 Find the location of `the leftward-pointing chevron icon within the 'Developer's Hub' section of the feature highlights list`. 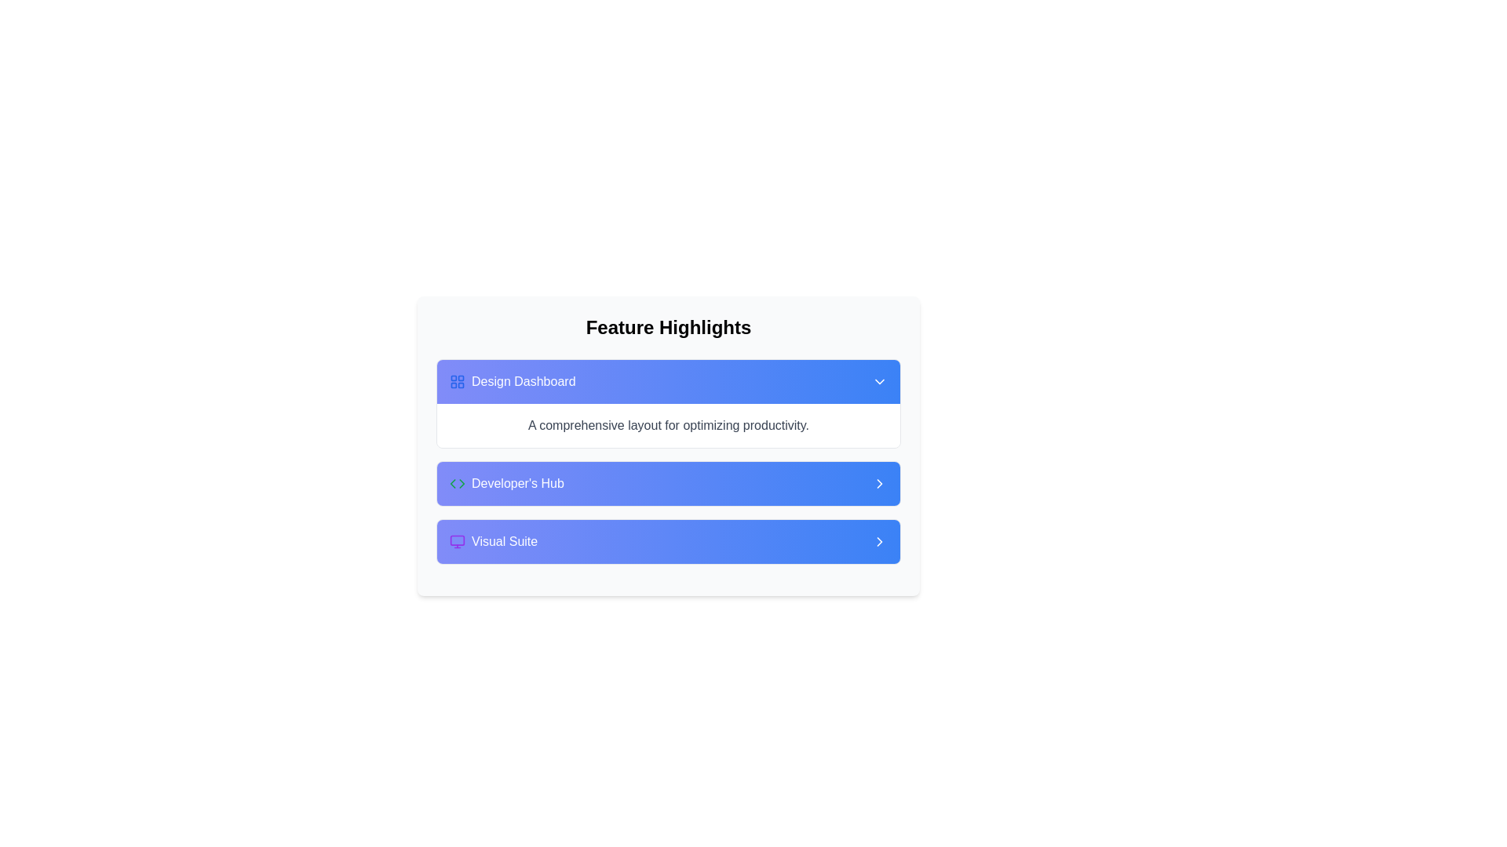

the leftward-pointing chevron icon within the 'Developer's Hub' section of the feature highlights list is located at coordinates (452, 483).